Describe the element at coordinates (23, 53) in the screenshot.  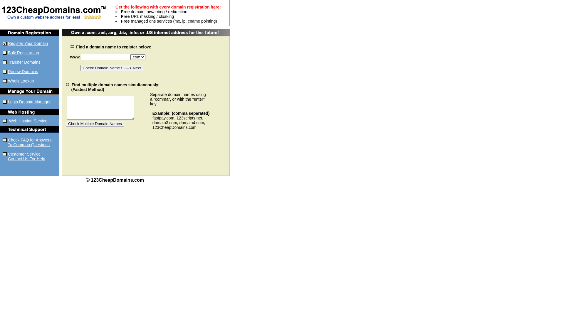
I see `'Bulk Registration'` at that location.